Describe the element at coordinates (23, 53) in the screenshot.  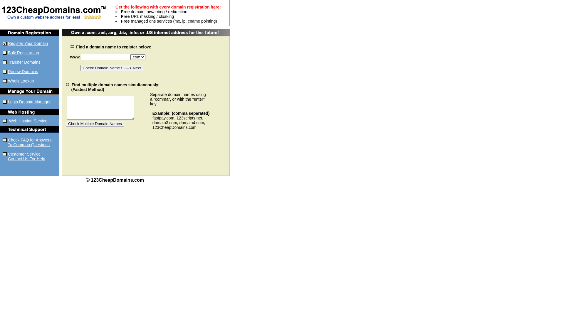
I see `'Bulk Registration'` at that location.